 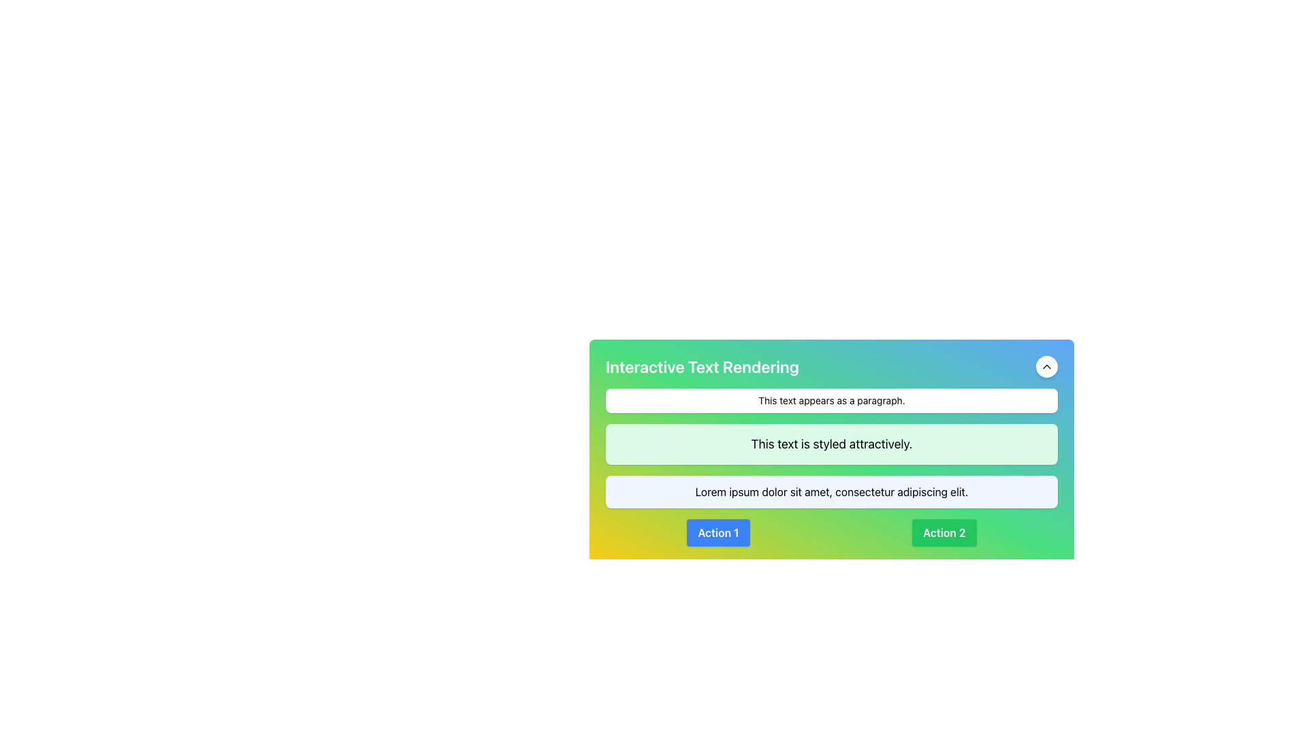 What do you see at coordinates (831, 400) in the screenshot?
I see `the Text Display element that contains the black text 'This text appears as a paragraph.' which is a horizontally stretched rectangle with a white background and rounded corners` at bounding box center [831, 400].